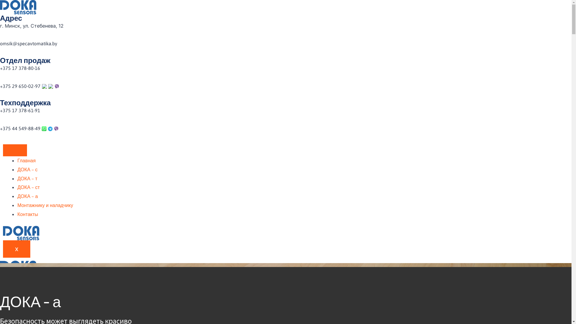  What do you see at coordinates (21, 128) in the screenshot?
I see `'+375 44 549-88-49'` at bounding box center [21, 128].